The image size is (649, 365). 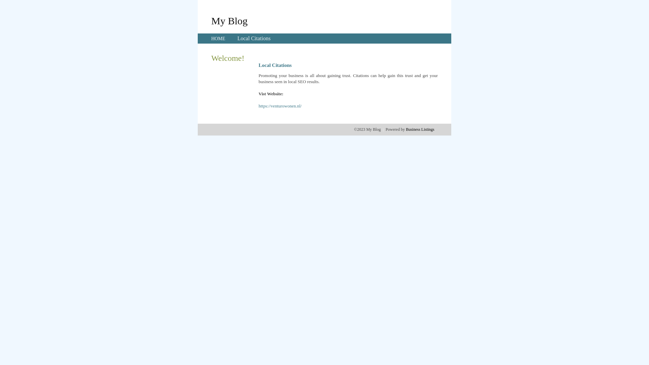 What do you see at coordinates (218, 39) in the screenshot?
I see `'HOME'` at bounding box center [218, 39].